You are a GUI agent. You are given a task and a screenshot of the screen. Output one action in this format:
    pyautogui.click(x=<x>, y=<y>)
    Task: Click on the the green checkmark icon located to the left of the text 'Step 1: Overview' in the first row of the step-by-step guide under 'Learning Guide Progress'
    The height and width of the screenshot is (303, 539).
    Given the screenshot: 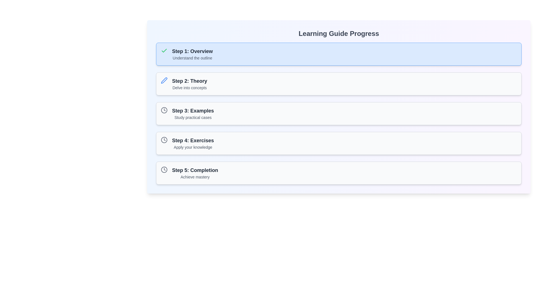 What is the action you would take?
    pyautogui.click(x=164, y=51)
    